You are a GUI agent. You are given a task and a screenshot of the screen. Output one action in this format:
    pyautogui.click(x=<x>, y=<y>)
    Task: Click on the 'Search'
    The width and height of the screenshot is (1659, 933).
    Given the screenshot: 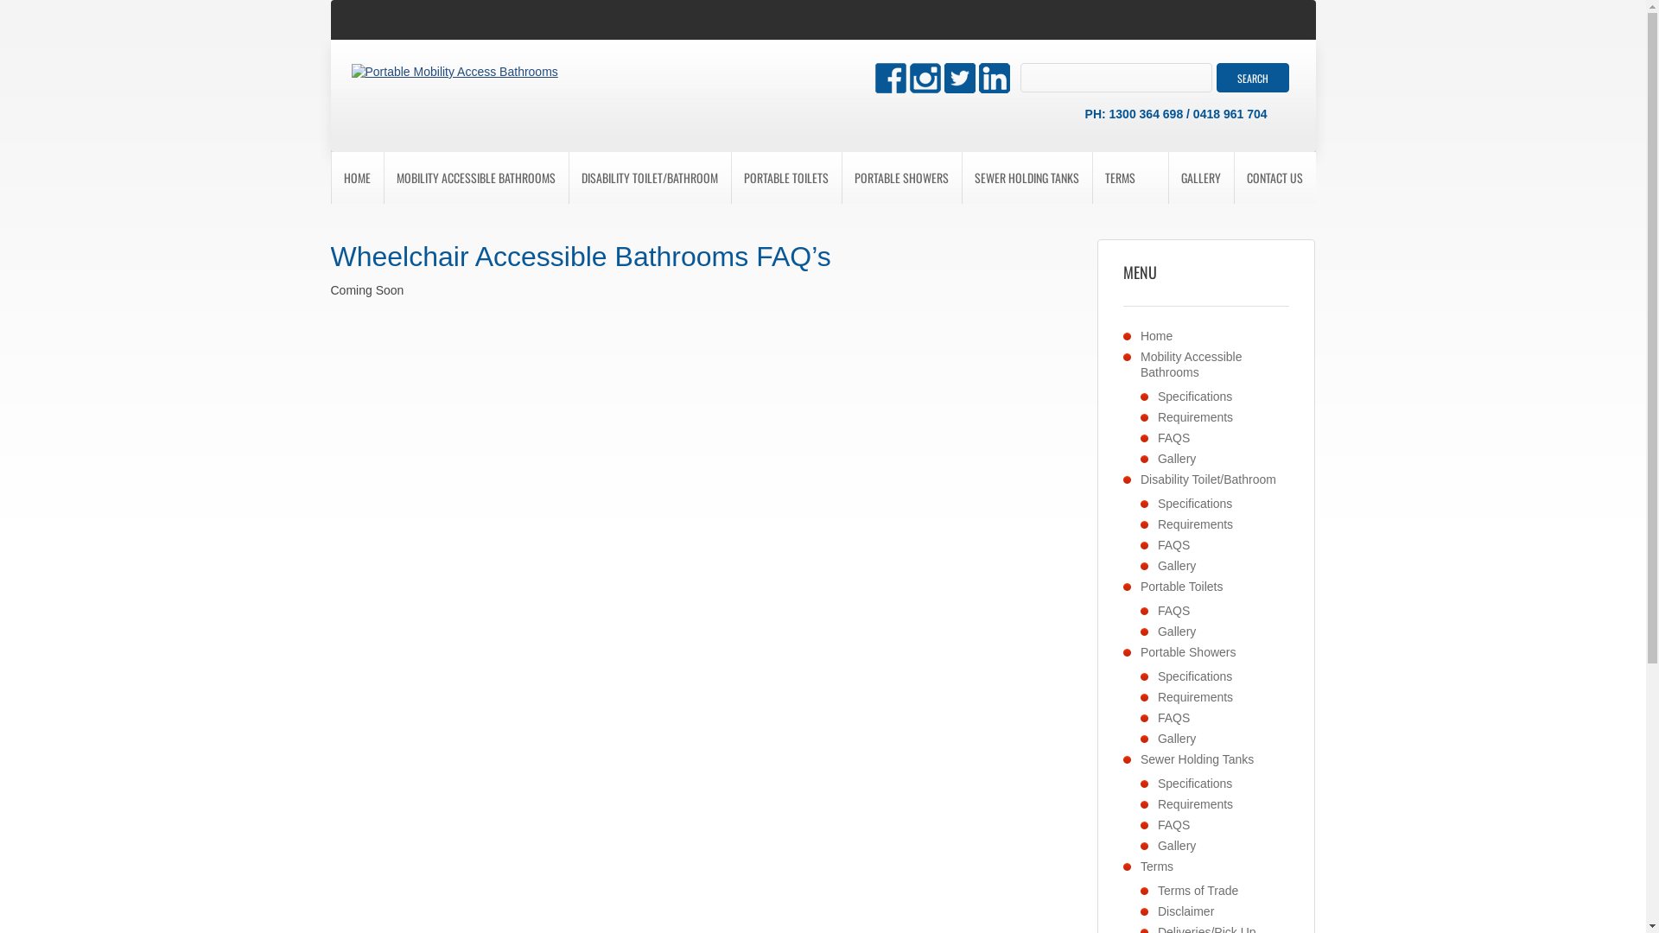 What is the action you would take?
    pyautogui.click(x=1215, y=76)
    